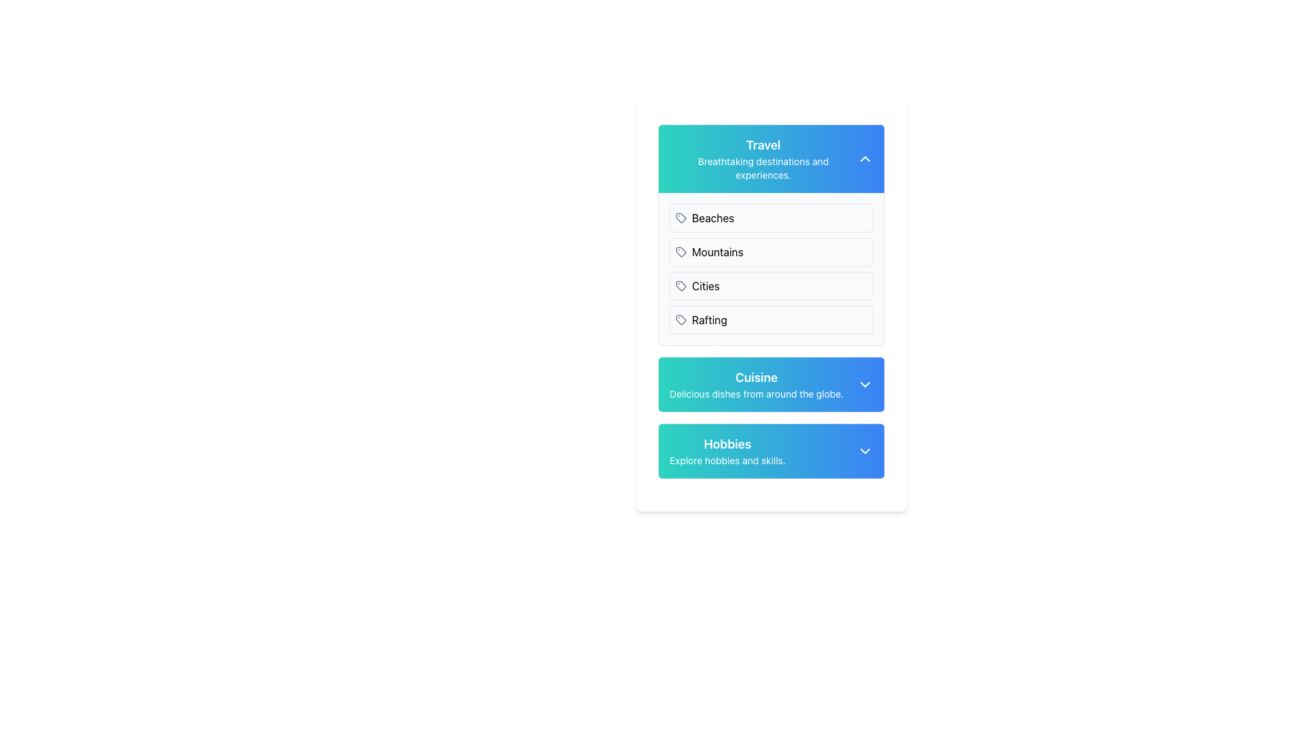 The image size is (1304, 734). What do you see at coordinates (681, 217) in the screenshot?
I see `the SVG icon that categorizes the 'Beaches' entry, positioned to the left of the text label` at bounding box center [681, 217].